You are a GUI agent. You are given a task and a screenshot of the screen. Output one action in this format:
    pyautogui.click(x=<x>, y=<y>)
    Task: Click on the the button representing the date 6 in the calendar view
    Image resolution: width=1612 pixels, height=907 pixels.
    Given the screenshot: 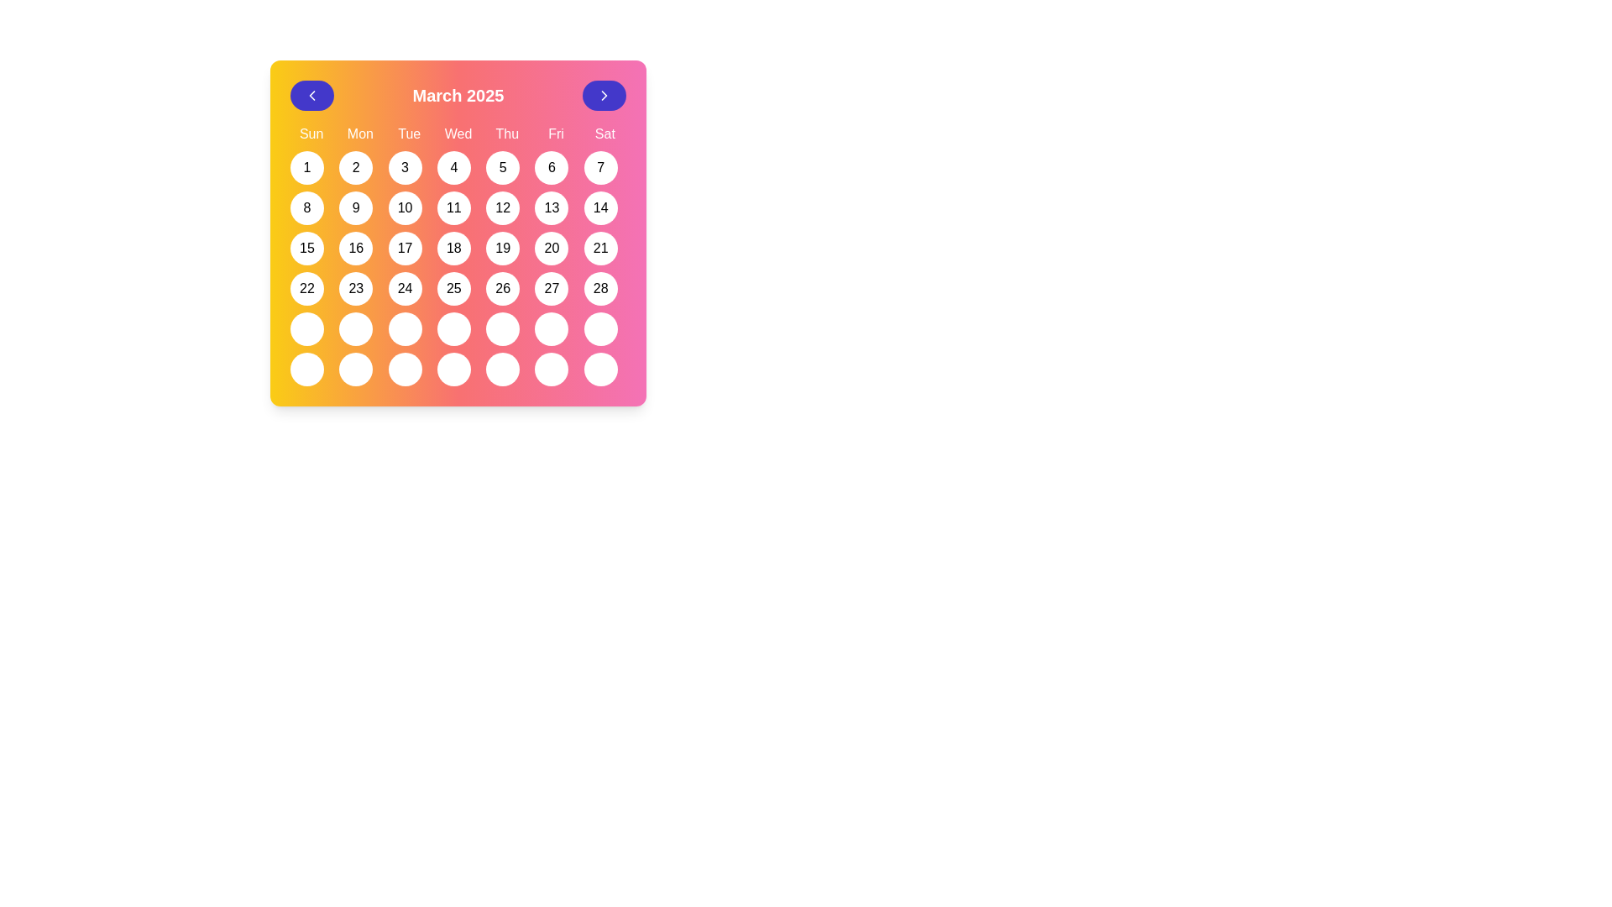 What is the action you would take?
    pyautogui.click(x=552, y=168)
    